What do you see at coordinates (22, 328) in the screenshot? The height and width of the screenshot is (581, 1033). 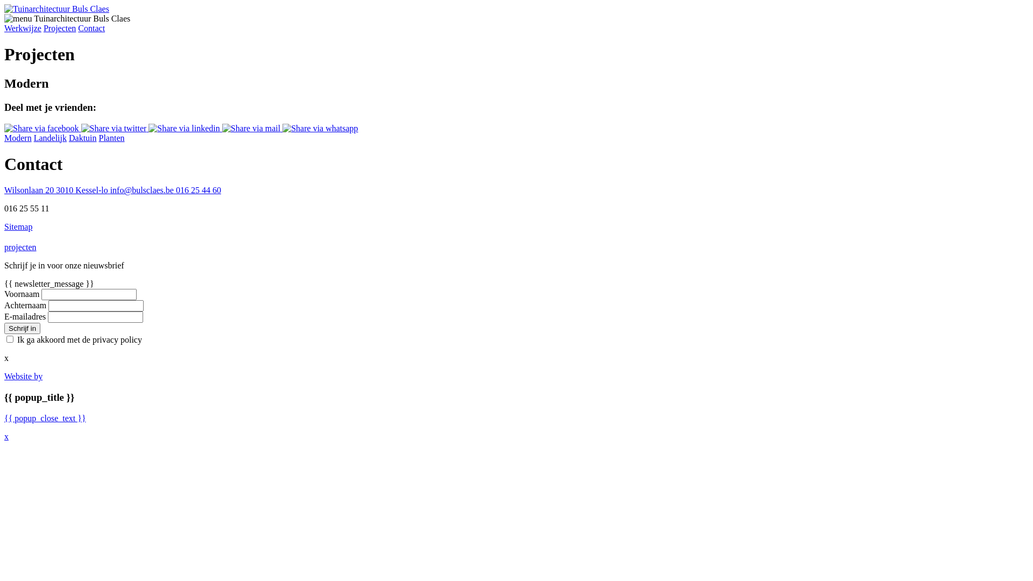 I see `'Schrijf in'` at bounding box center [22, 328].